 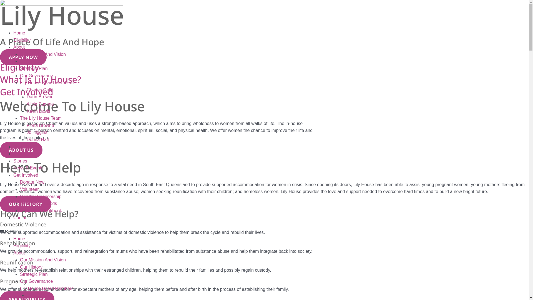 I want to click on 'Donation of Goods', so click(x=20, y=203).